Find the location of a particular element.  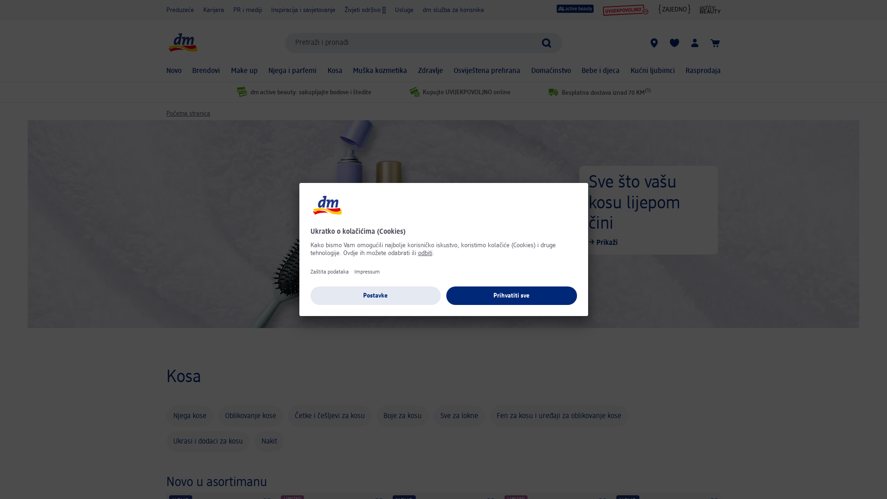

'Kosa' is located at coordinates (331, 71).